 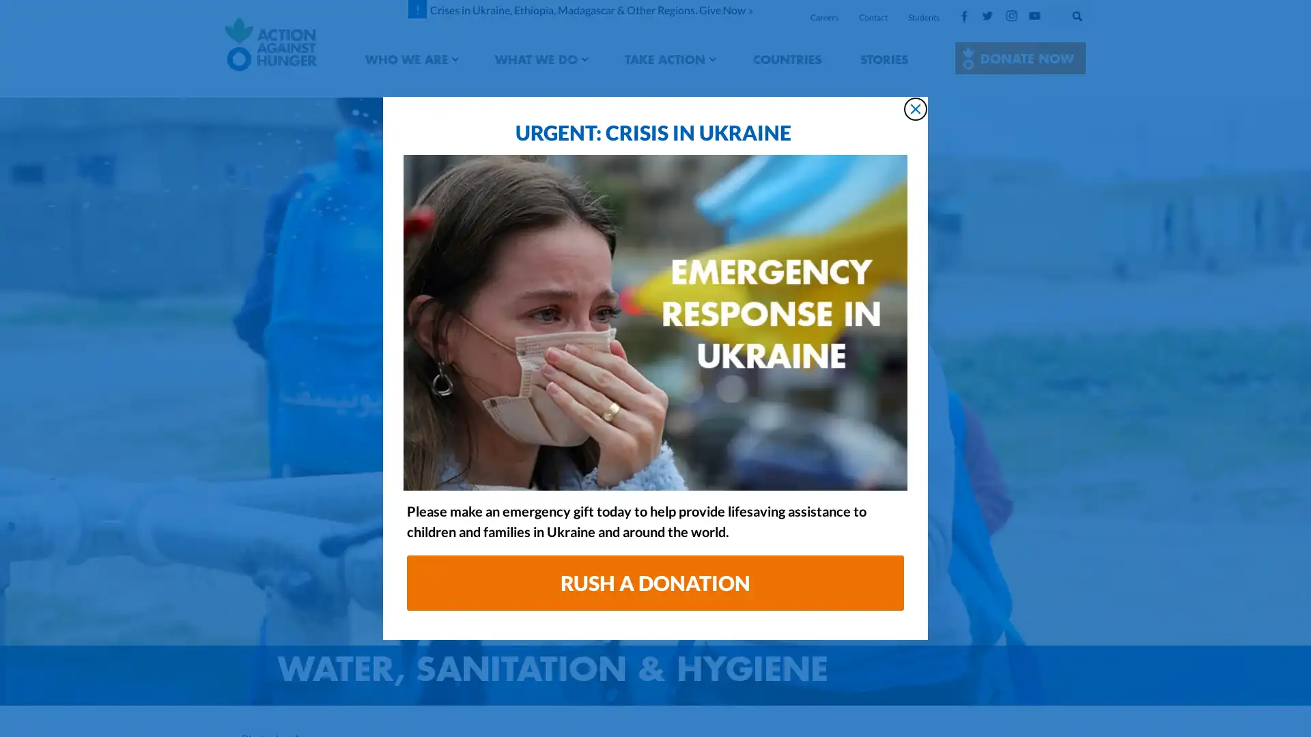 What do you see at coordinates (655, 583) in the screenshot?
I see `RUSH A DONATION` at bounding box center [655, 583].